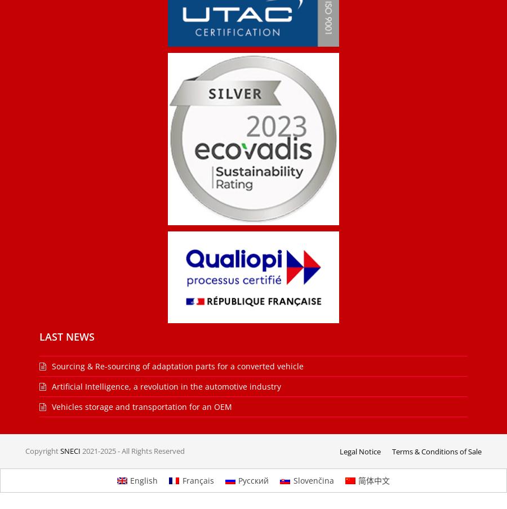  I want to click on '2021-2025 - All Rights Reserved', so click(132, 450).